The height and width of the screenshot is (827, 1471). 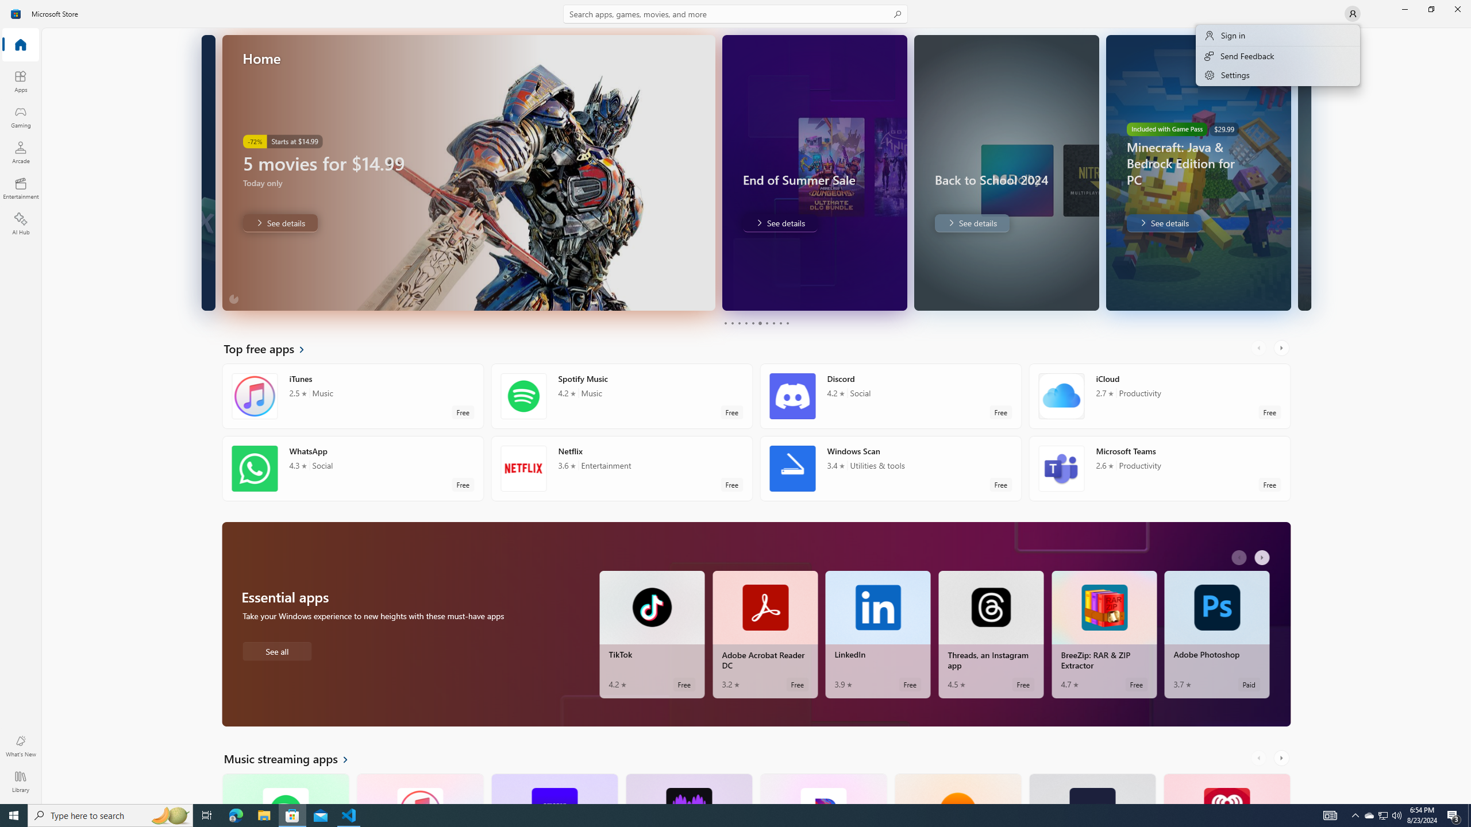 I want to click on 'Page 3', so click(x=738, y=323).